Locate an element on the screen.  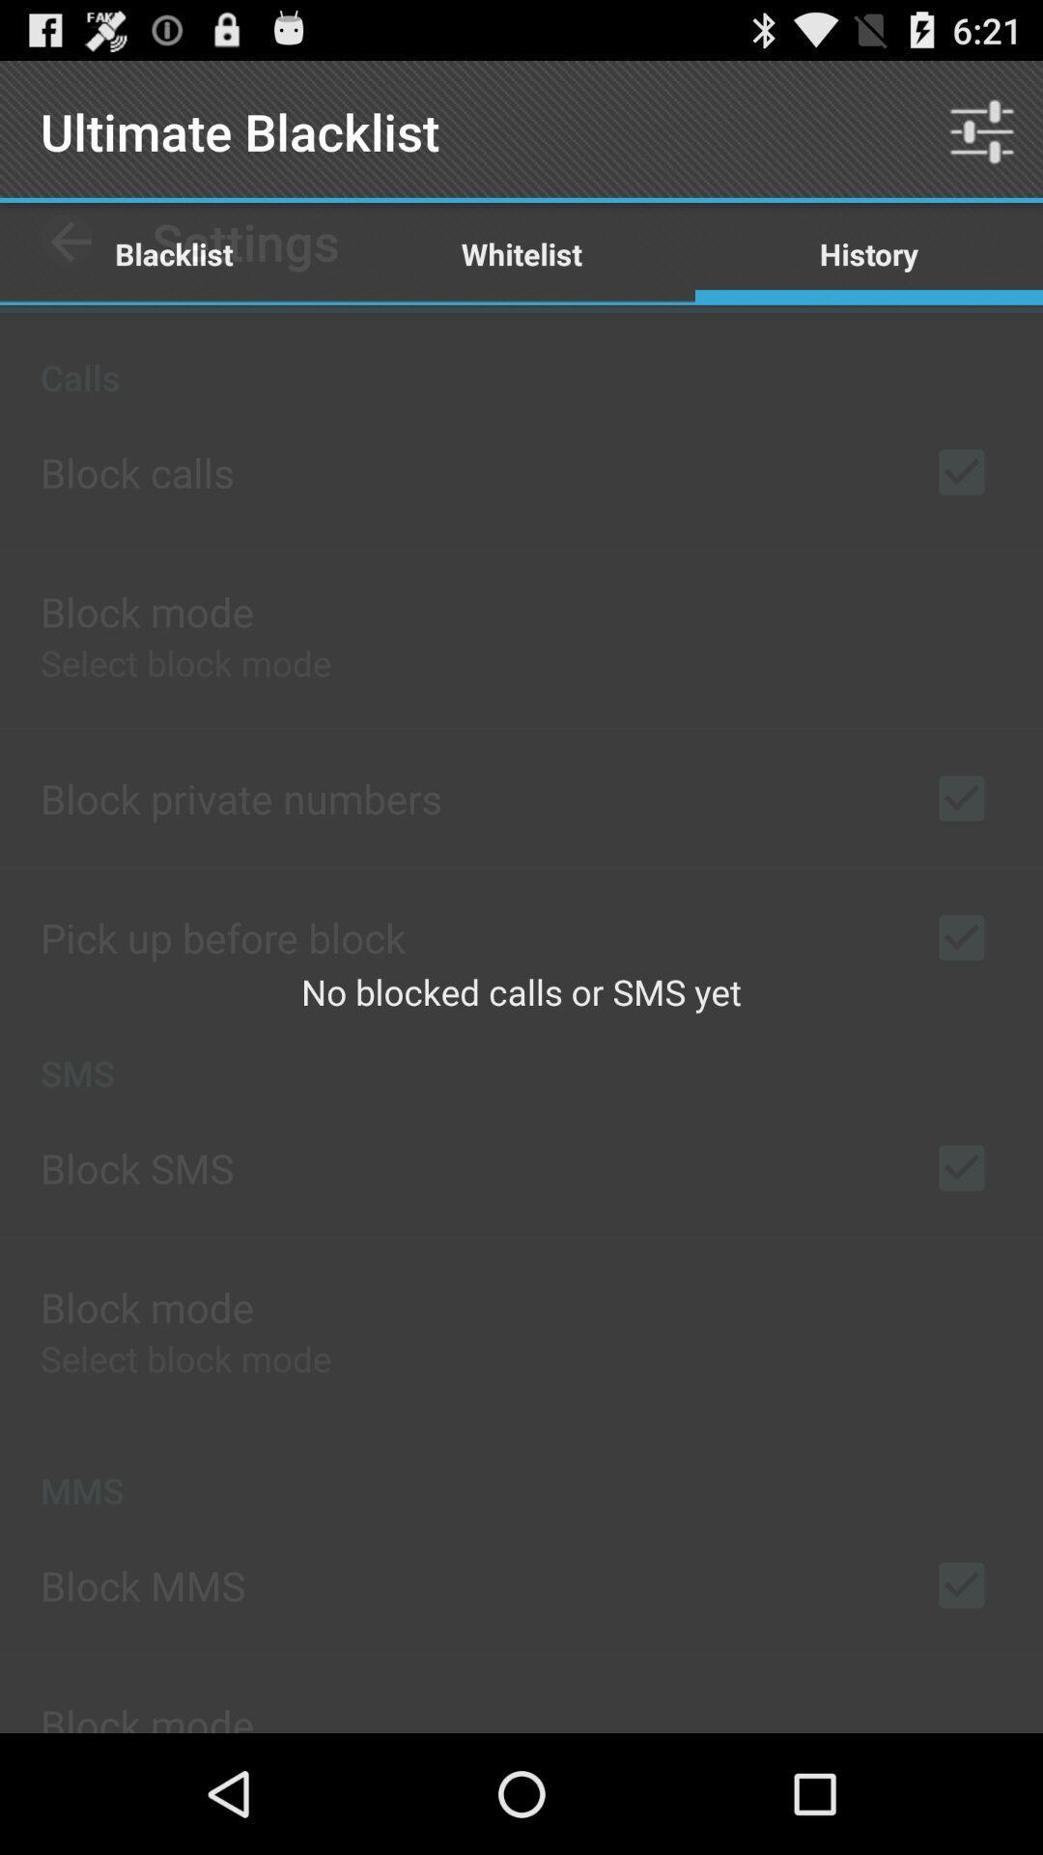
the whitelist is located at coordinates (521, 252).